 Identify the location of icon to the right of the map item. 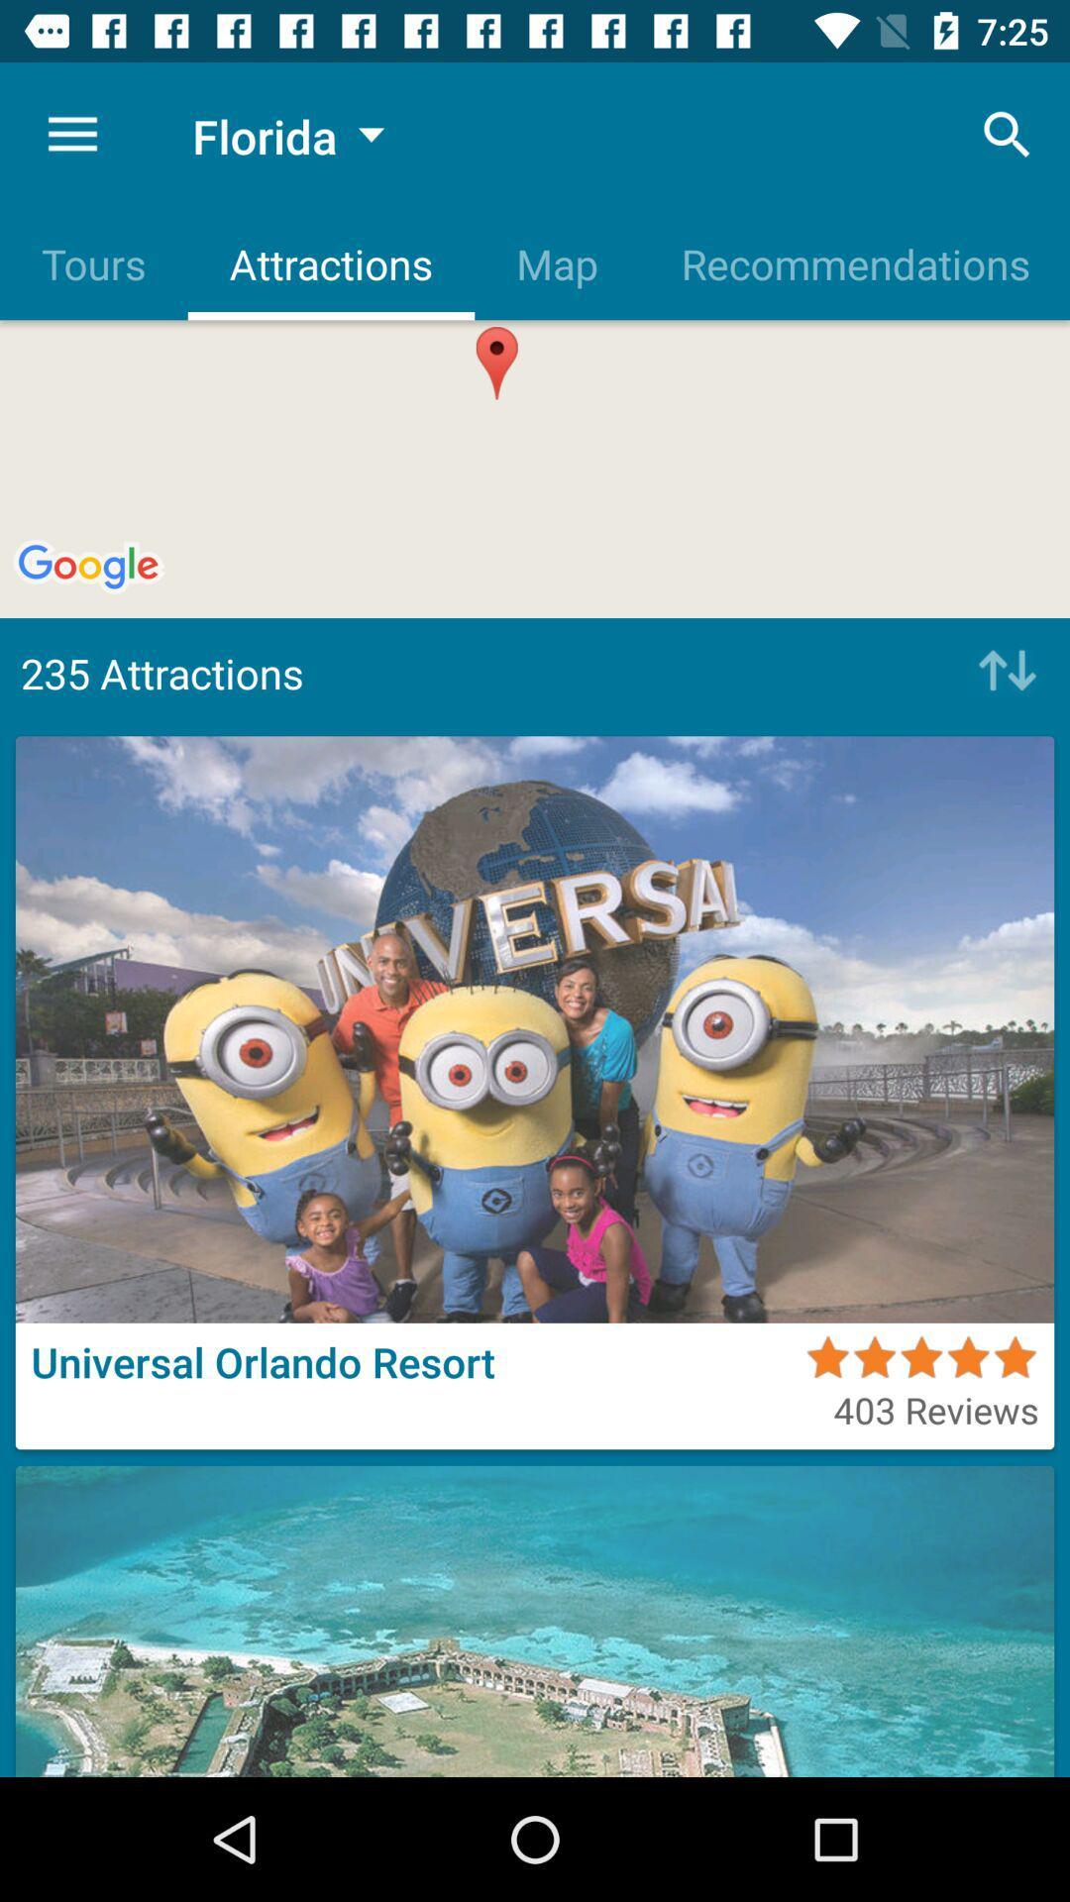
(853, 263).